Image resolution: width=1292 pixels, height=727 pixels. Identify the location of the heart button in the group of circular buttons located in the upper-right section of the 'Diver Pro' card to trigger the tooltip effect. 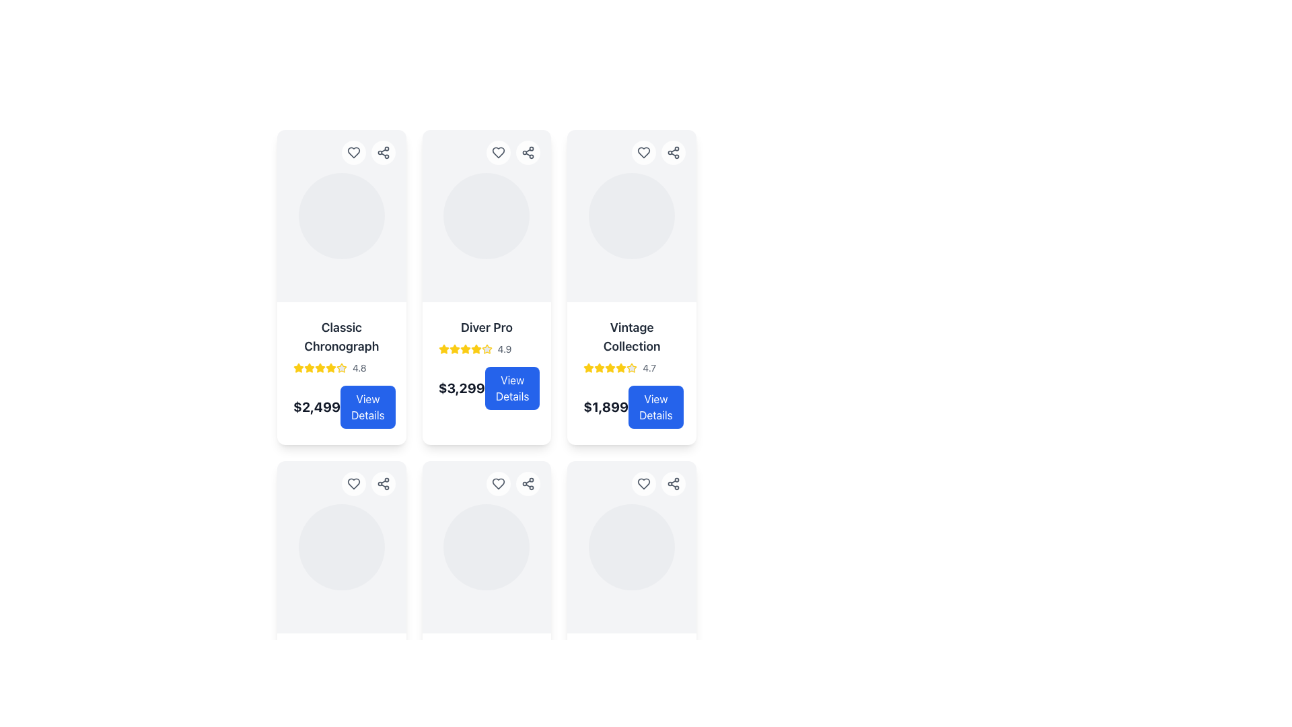
(513, 152).